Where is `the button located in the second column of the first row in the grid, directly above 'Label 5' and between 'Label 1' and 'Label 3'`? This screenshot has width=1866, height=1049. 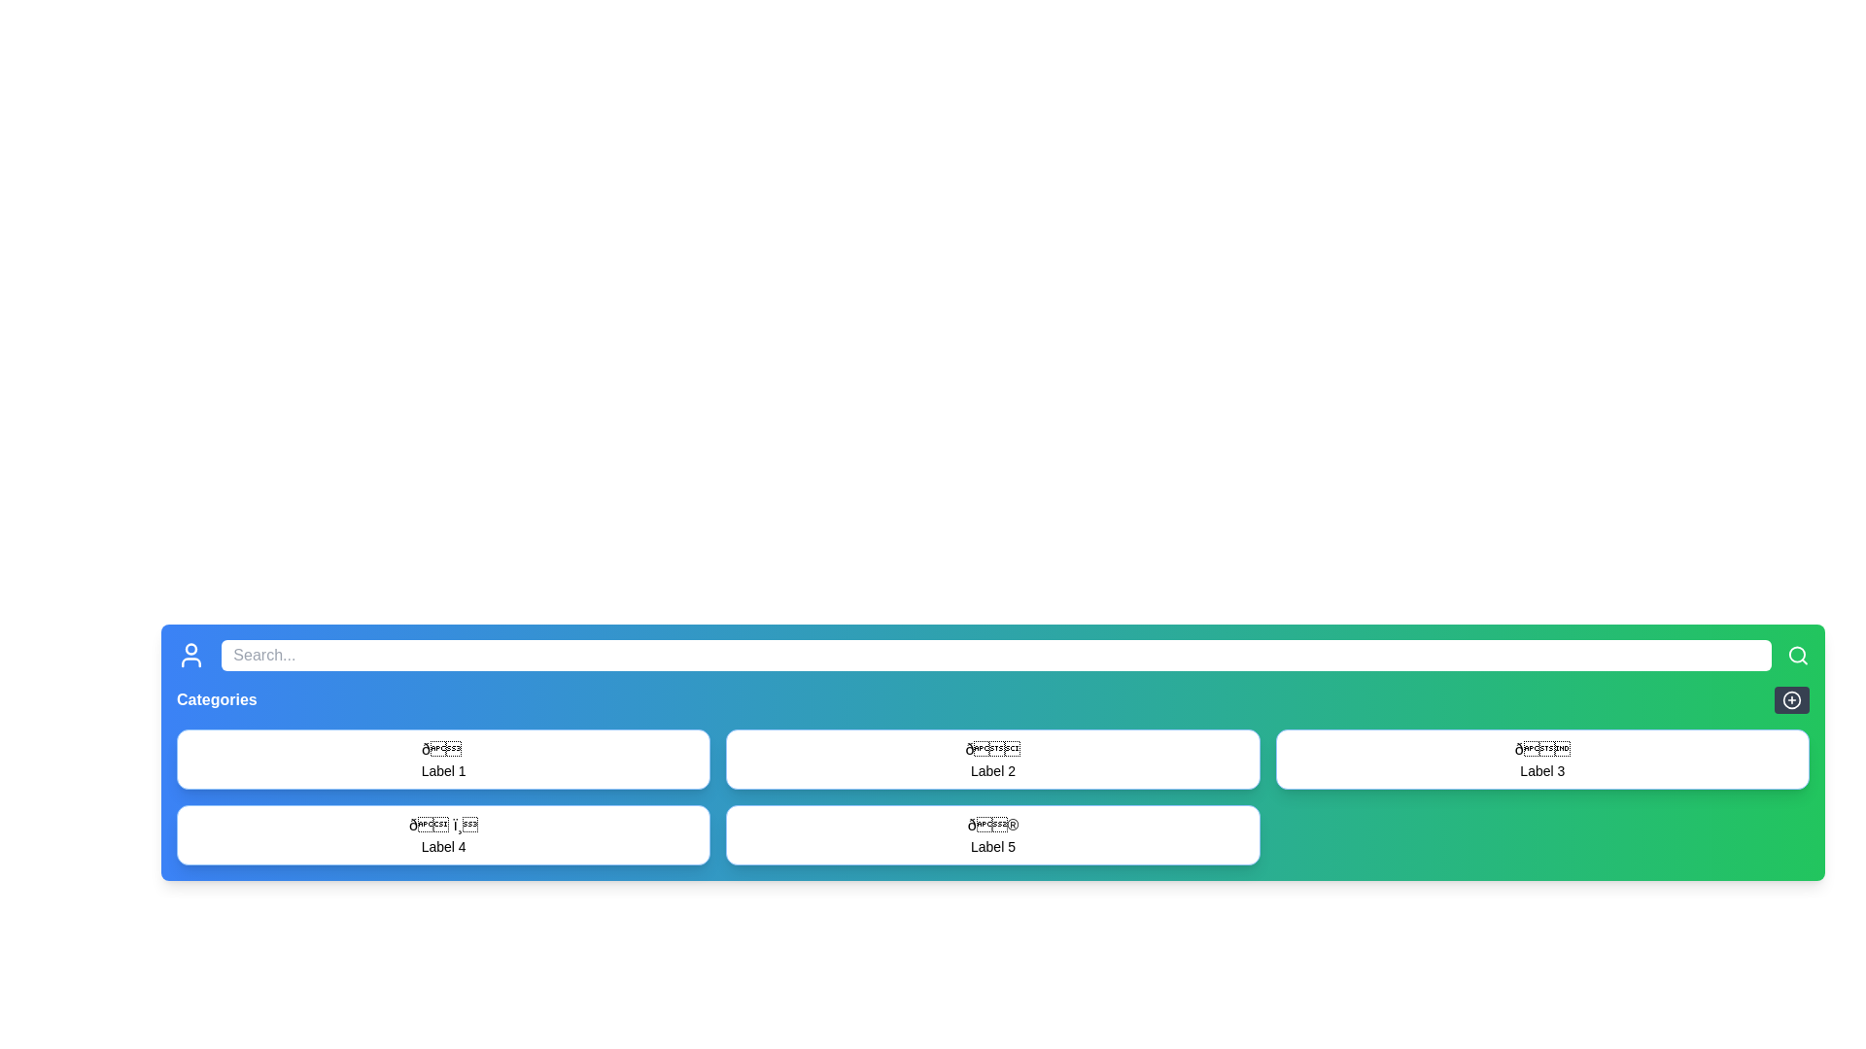
the button located in the second column of the first row in the grid, directly above 'Label 5' and between 'Label 1' and 'Label 3' is located at coordinates (993, 759).